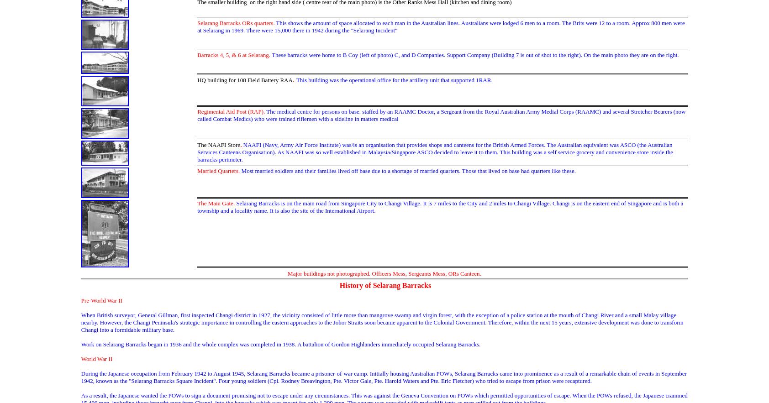 This screenshot has width=769, height=403. I want to click on 'When British surveyor, General Gillman, first inspected Changi district
        in 1927, the vicinity consisted of little more than mangrove swamp and
        virgin forest, with the exception of a police station at the mouth of
        Changi River and a small Malay village nearby. However, the Changi
        Peninsula's strategic importance in controlling the eastern approaches
        to the Johor Straits soon became apparent to the Colonial Government.
        Therefore, within the next 15 years, extensive development was done to
        transform Changi into a formidable military base.', so click(382, 322).